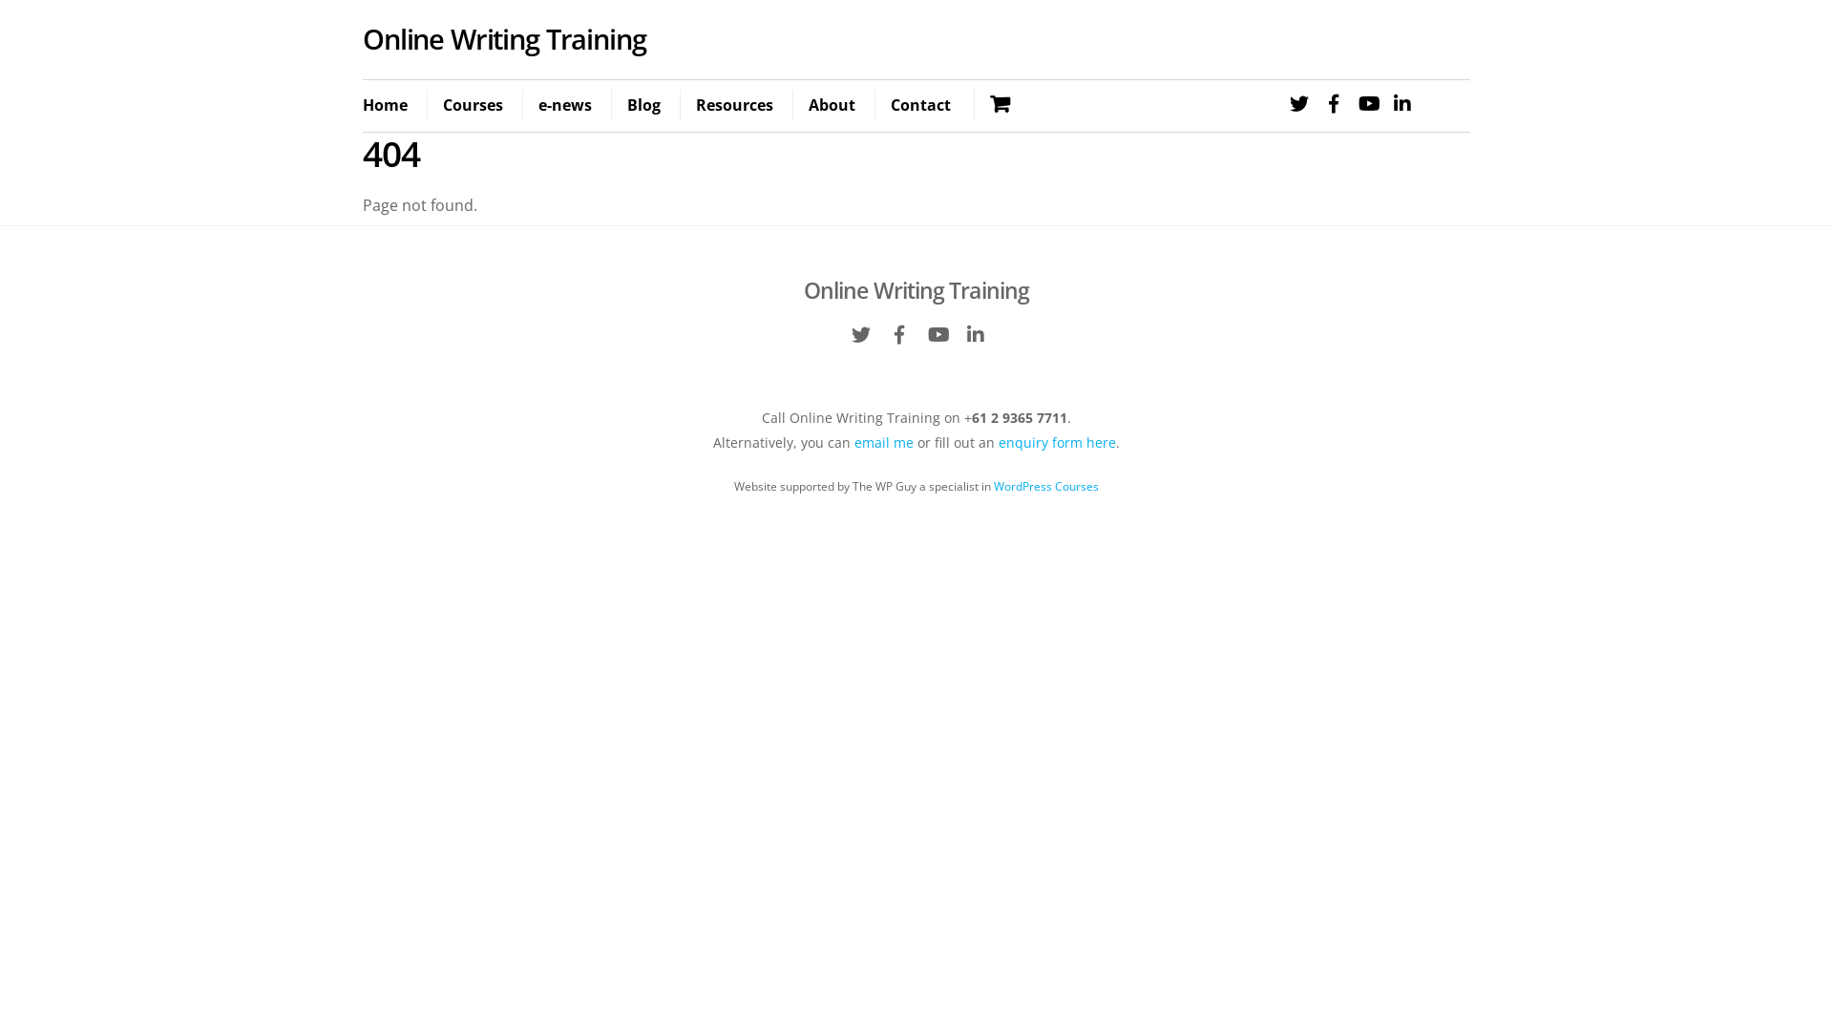  What do you see at coordinates (362, 38) in the screenshot?
I see `'Online Writing Training'` at bounding box center [362, 38].